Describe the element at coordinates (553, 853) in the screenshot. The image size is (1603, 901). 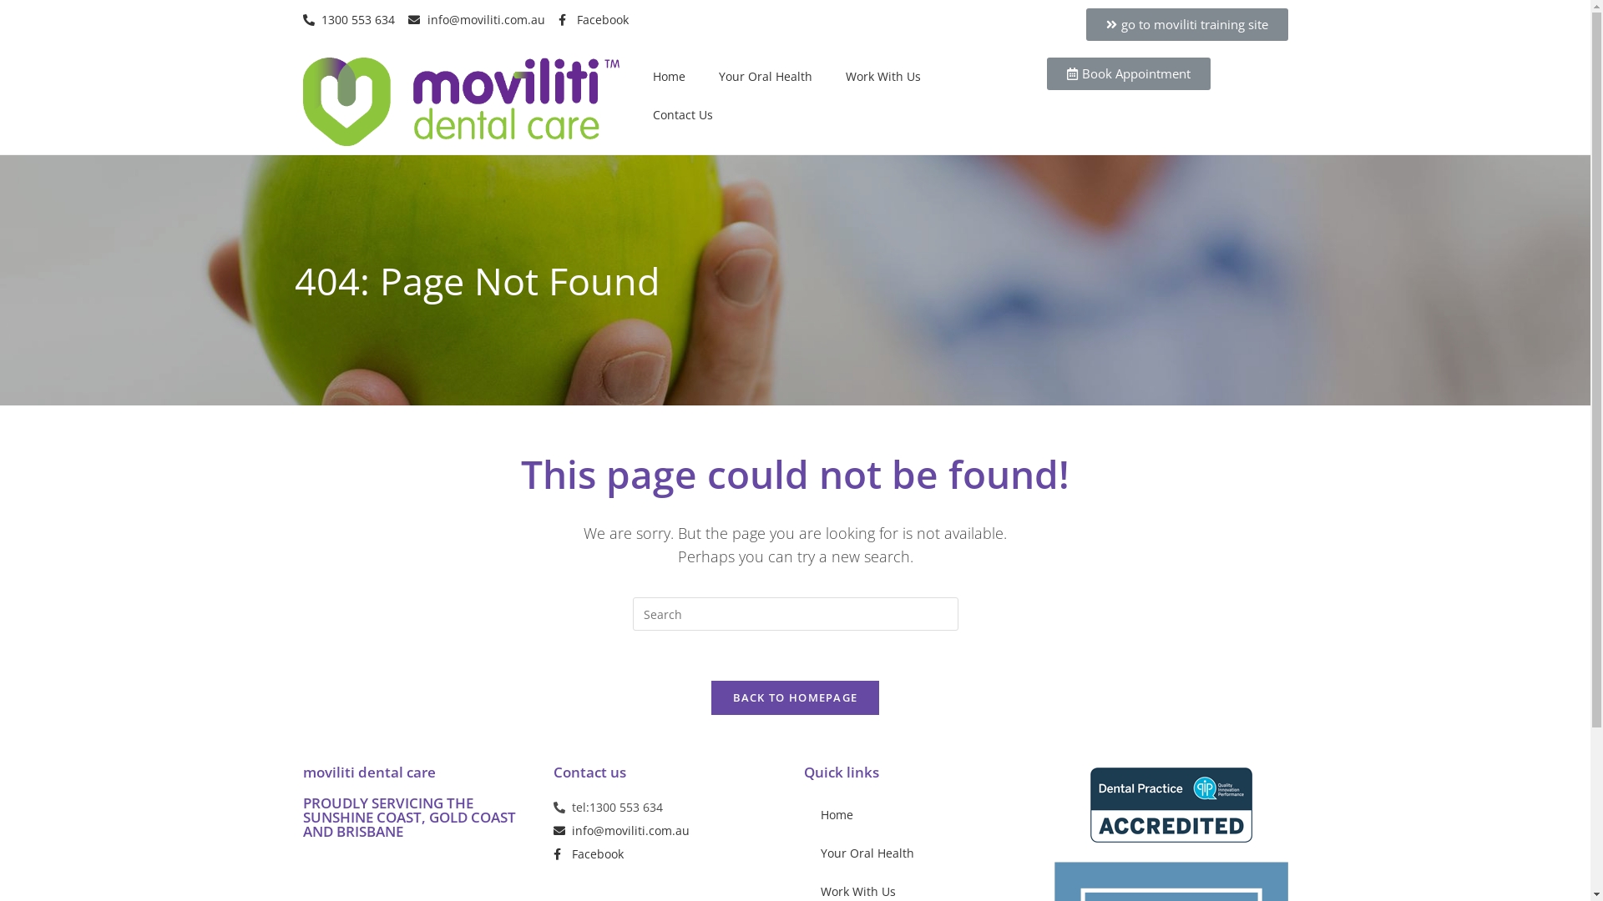
I see `'Facebook'` at that location.